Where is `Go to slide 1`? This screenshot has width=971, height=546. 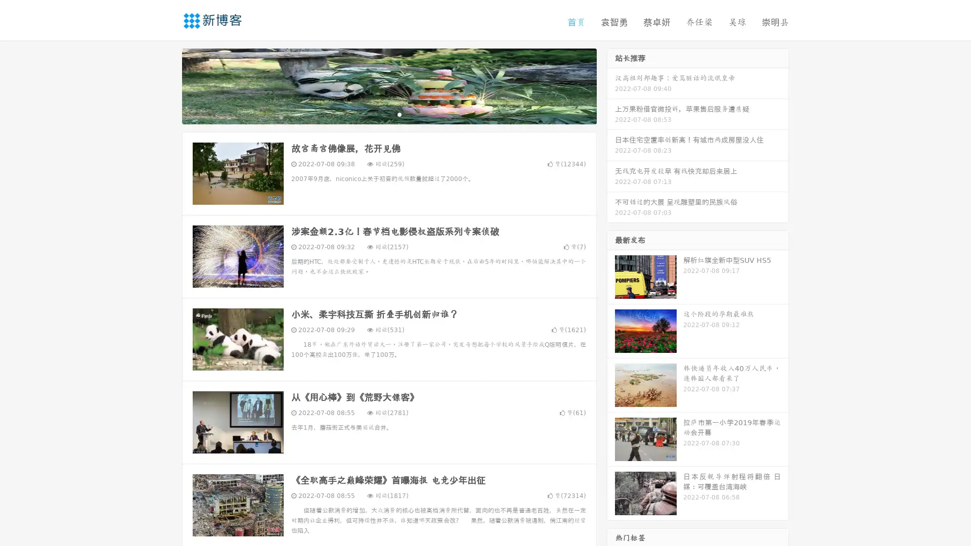
Go to slide 1 is located at coordinates (378, 114).